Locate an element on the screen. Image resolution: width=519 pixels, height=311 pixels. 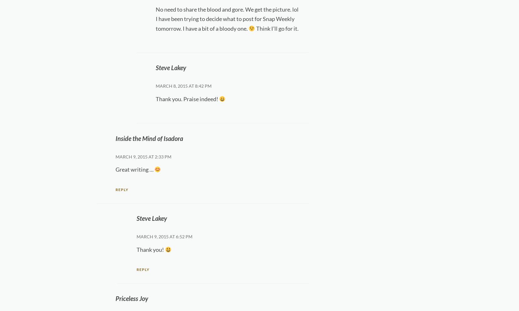
'Priceless Joy' is located at coordinates (115, 298).